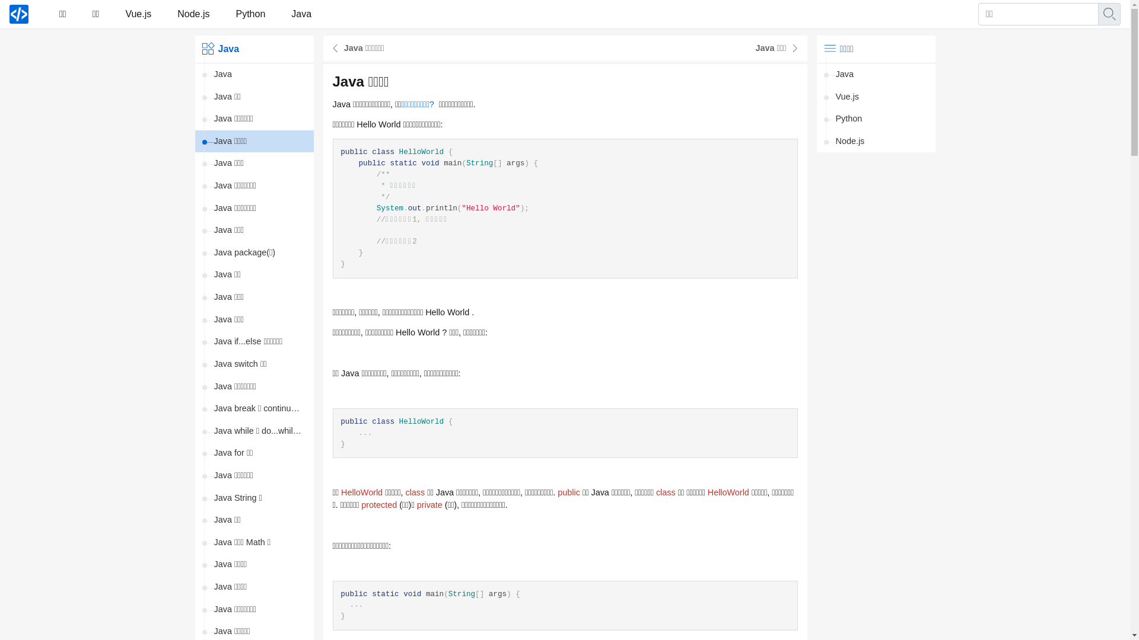  Describe the element at coordinates (193, 14) in the screenshot. I see `'Node.js'` at that location.